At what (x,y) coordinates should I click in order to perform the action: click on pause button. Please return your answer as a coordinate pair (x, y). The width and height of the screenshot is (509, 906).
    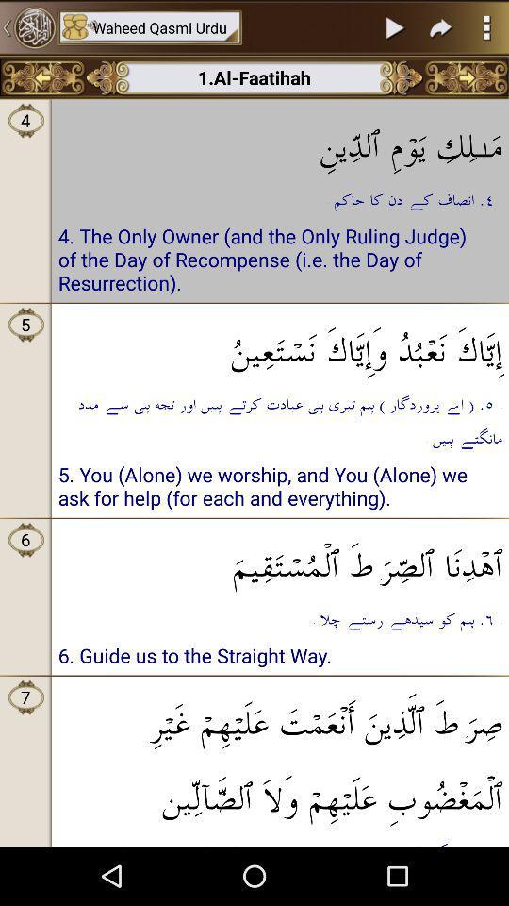
    Looking at the image, I should click on (395, 26).